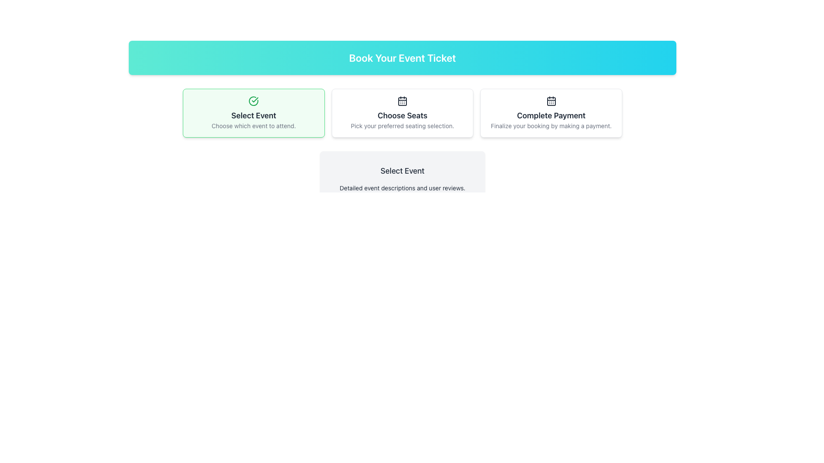  What do you see at coordinates (253, 100) in the screenshot?
I see `the SVG graphic element styled as an icon, which indicates the checked state of the associated event selection card located in the top-left portion of the interface, specifically within the Select Event section` at bounding box center [253, 100].